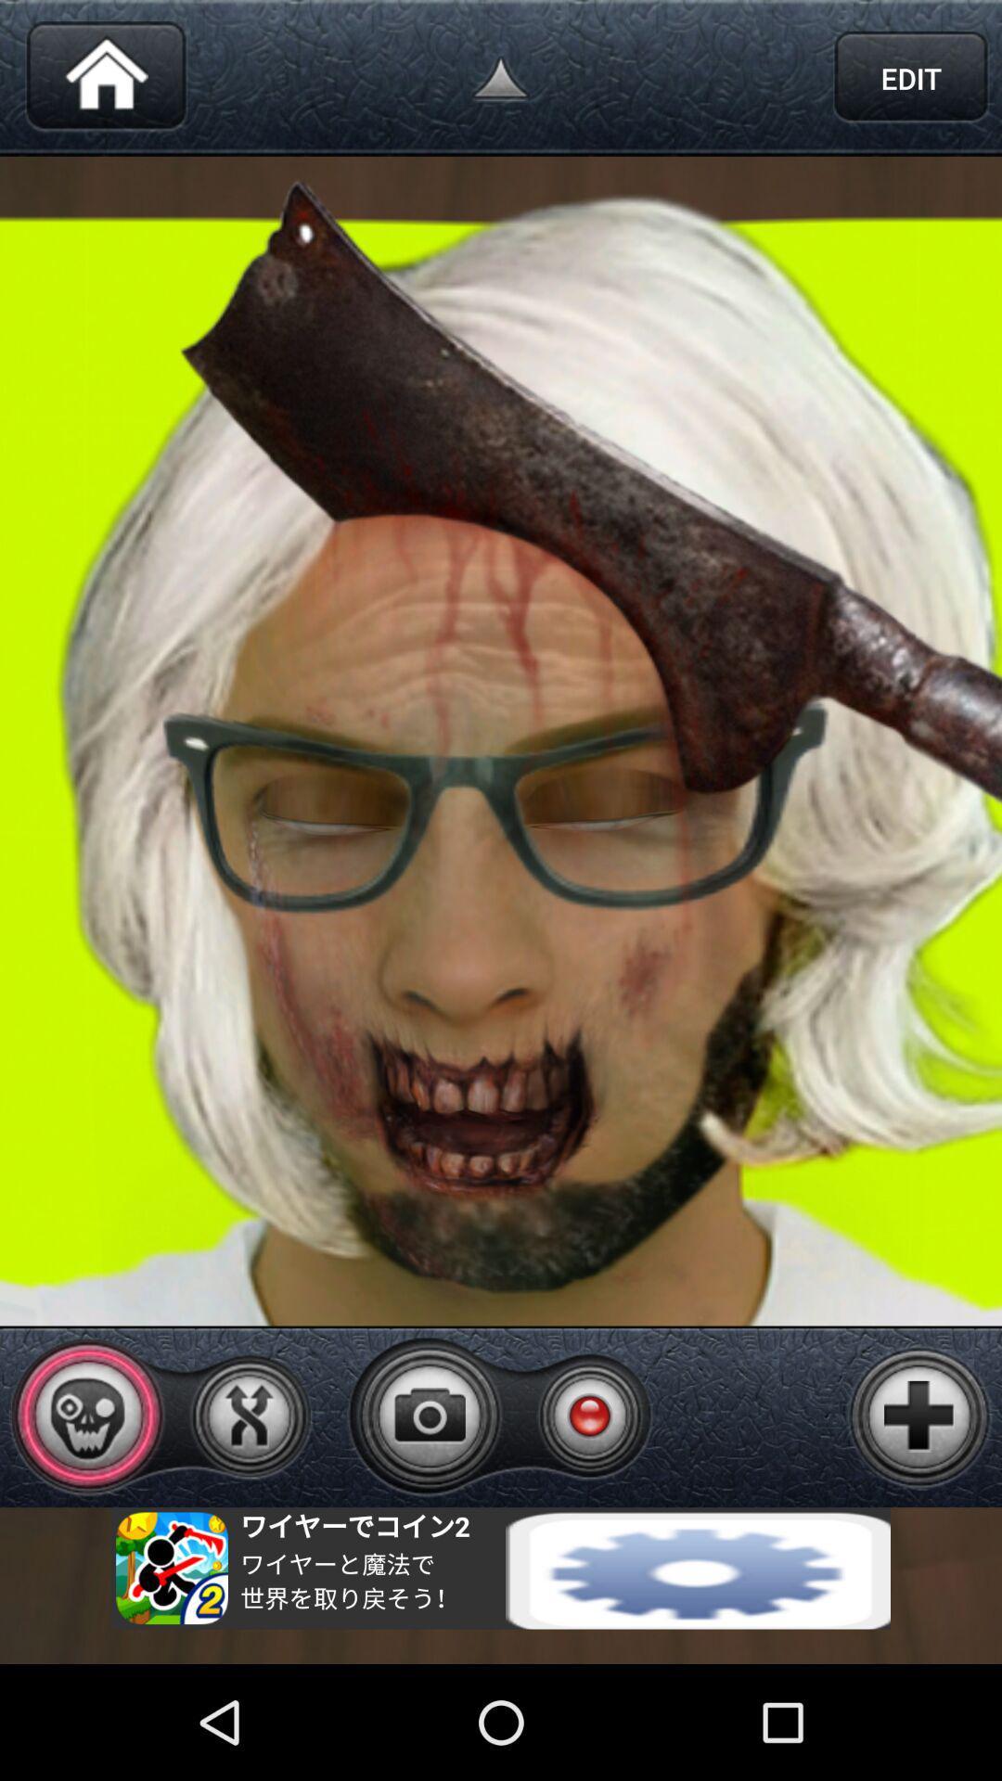  Describe the element at coordinates (430, 1515) in the screenshot. I see `the photo icon` at that location.